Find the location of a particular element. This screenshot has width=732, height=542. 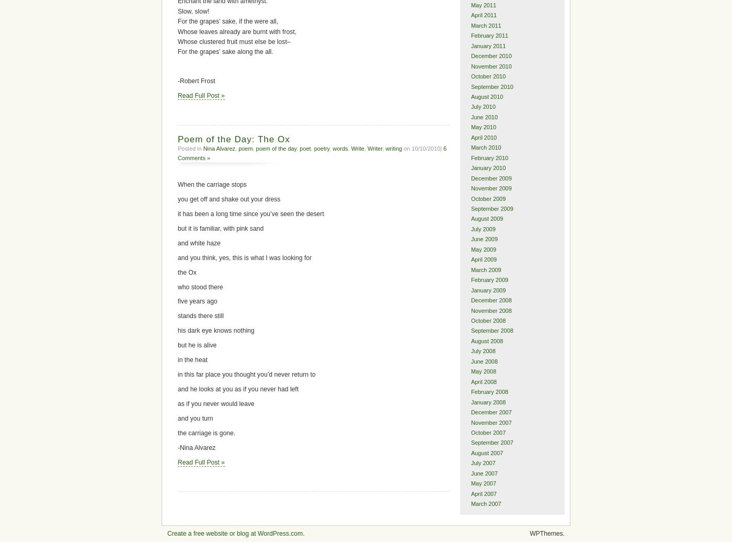

'his dark eye knows nothing' is located at coordinates (216, 330).